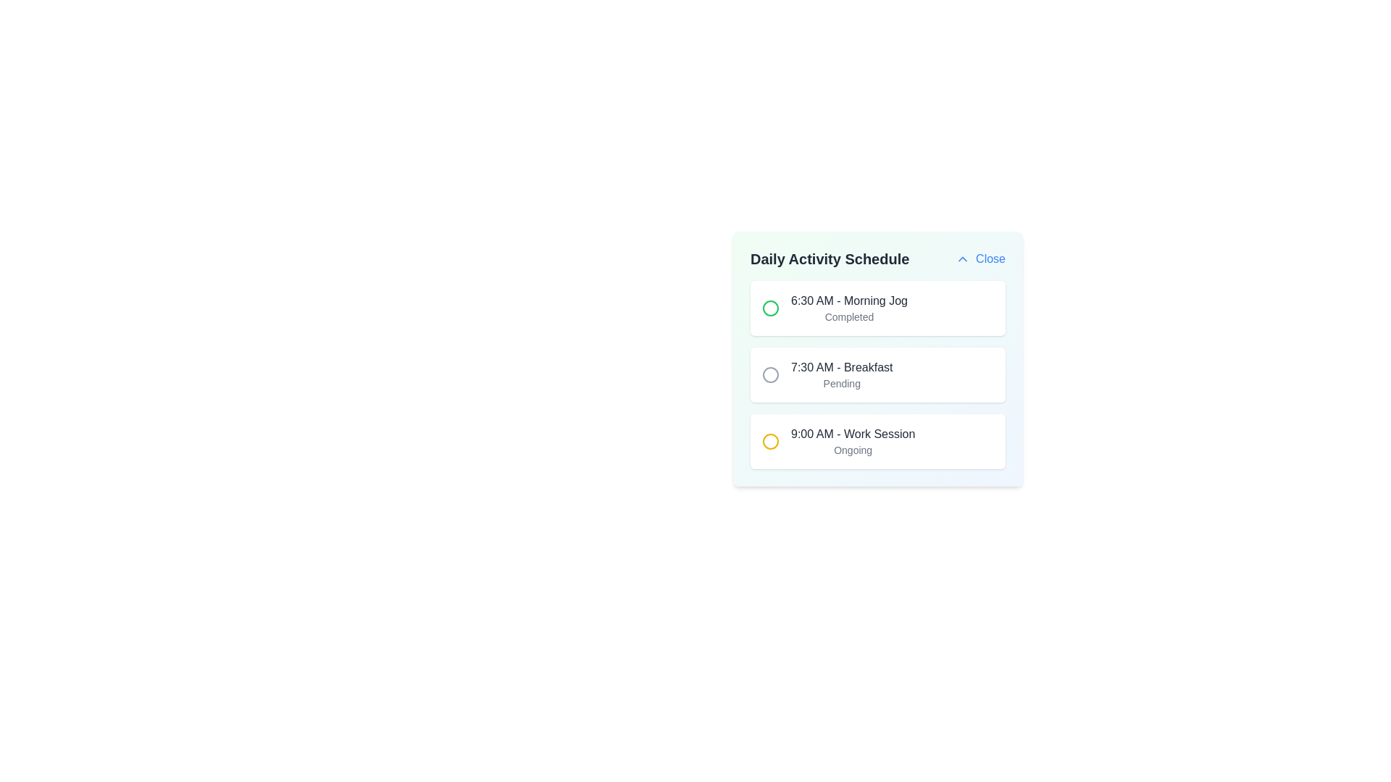  Describe the element at coordinates (980, 258) in the screenshot. I see `the interactive button located at the top-right corner of the 'Daily Activity Schedule' panel` at that location.